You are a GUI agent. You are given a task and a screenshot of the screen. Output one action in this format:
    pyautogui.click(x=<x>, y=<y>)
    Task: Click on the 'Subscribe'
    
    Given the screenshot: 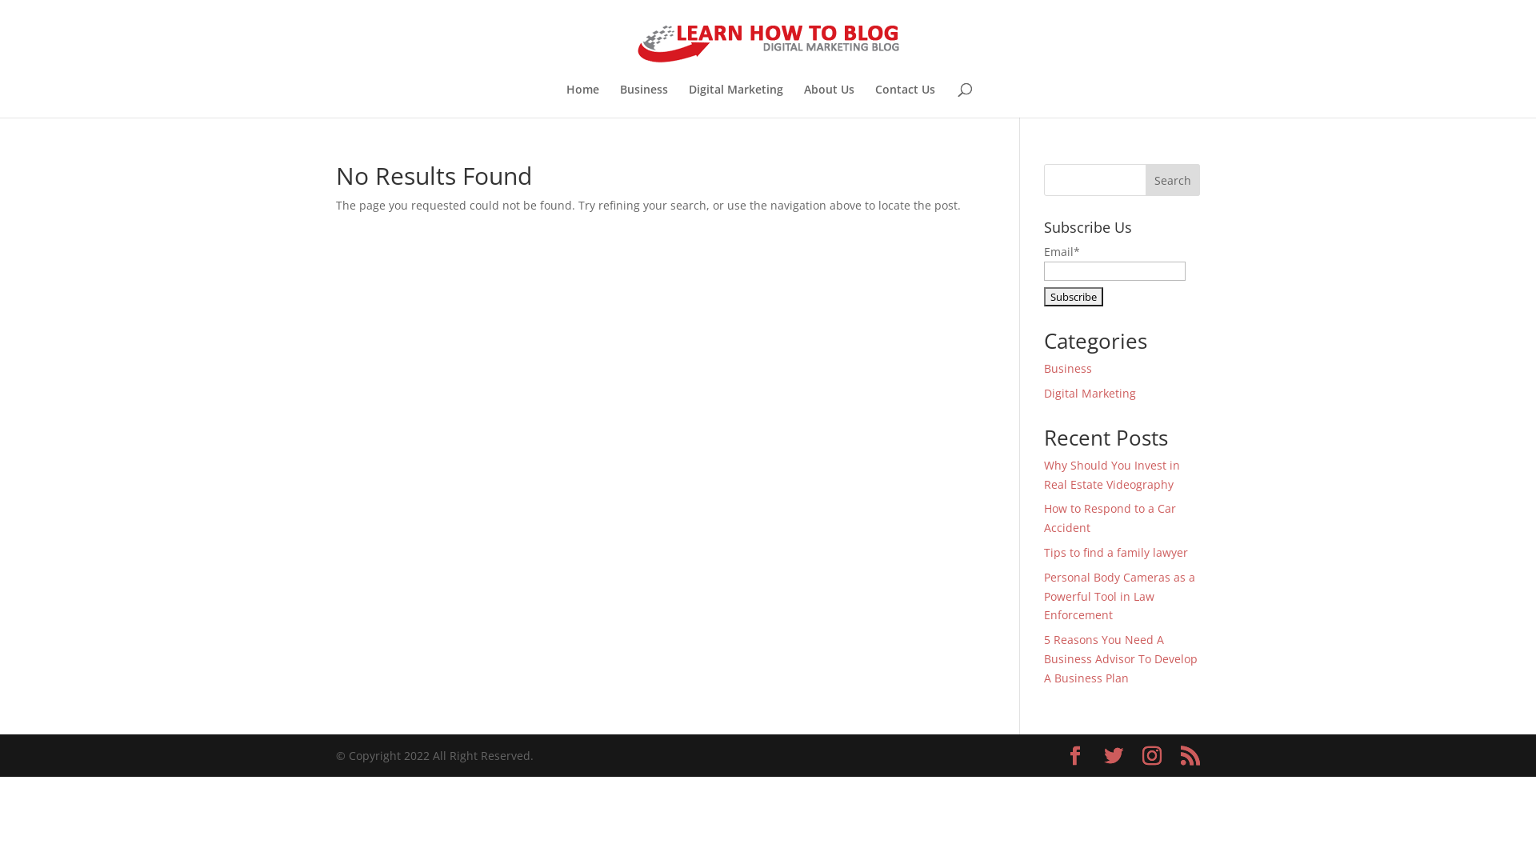 What is the action you would take?
    pyautogui.click(x=1074, y=296)
    